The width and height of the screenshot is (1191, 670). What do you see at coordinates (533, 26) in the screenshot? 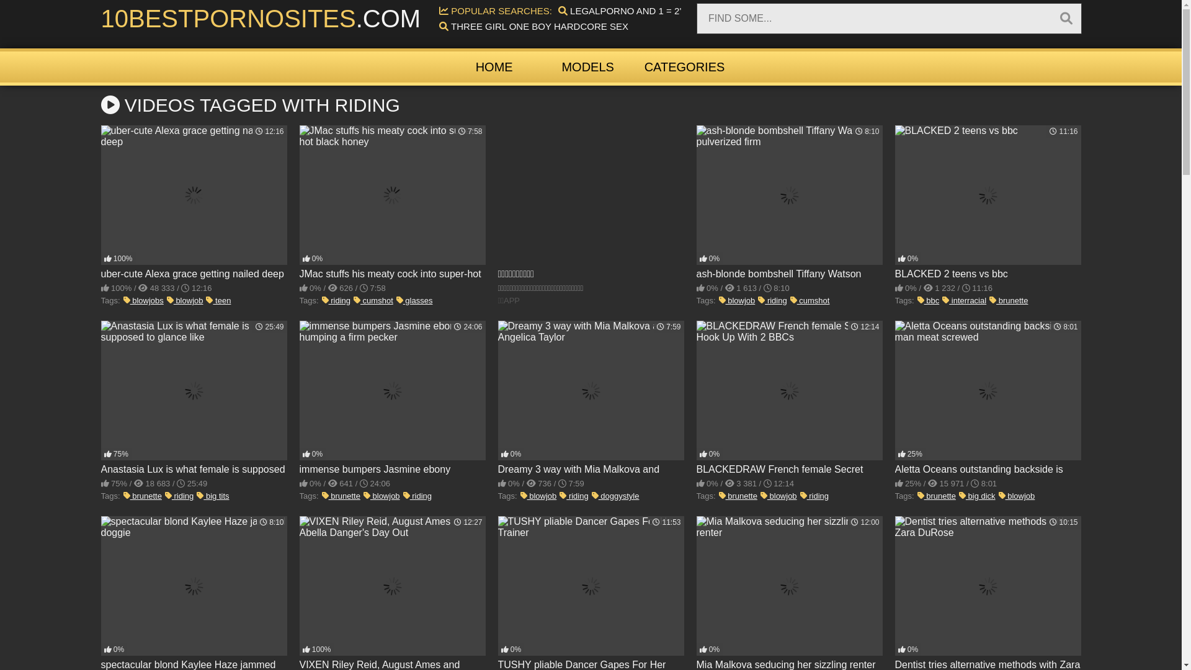
I see `'THREE GIRL ONE BOY HARDCORE SEX'` at bounding box center [533, 26].